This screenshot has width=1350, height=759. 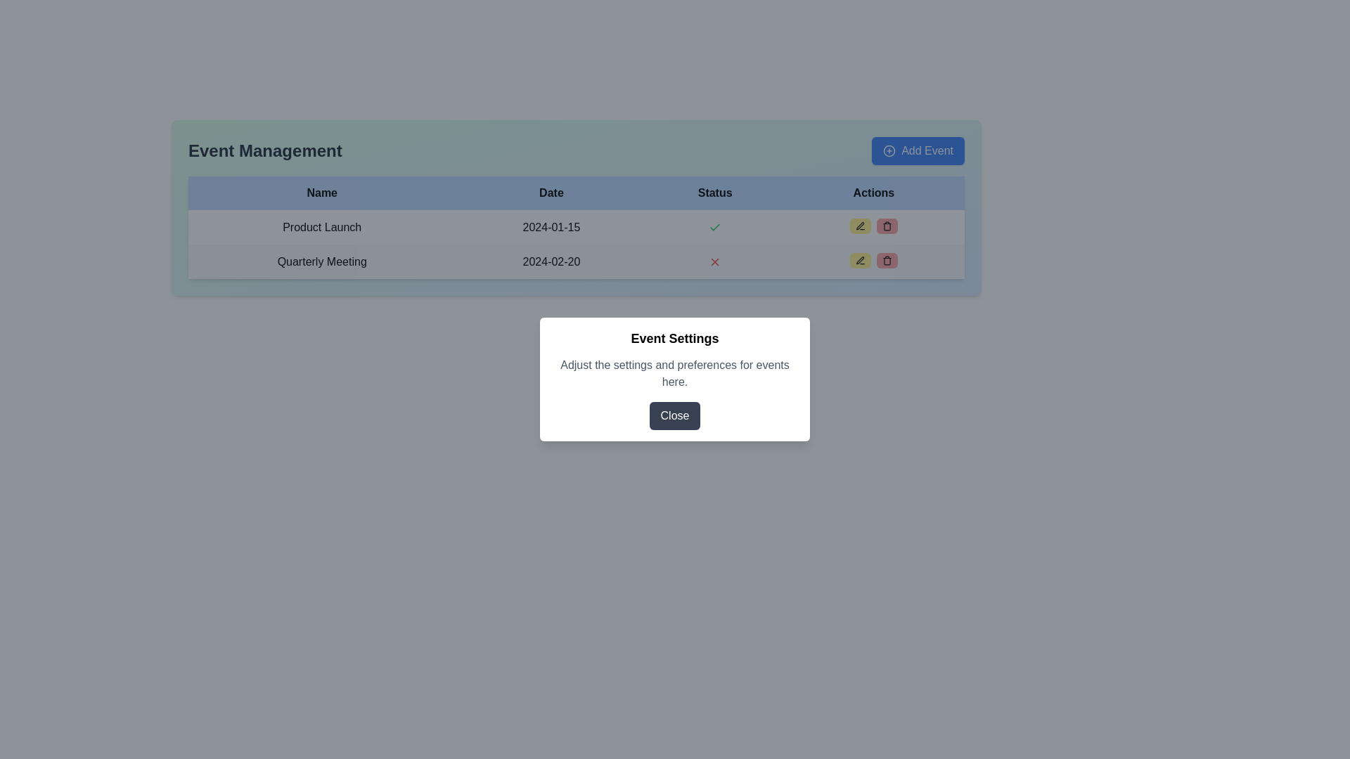 What do you see at coordinates (873, 193) in the screenshot?
I see `the 'Actions' text label located in the last cell of the header row of the table, which is bold and centered with a black font color` at bounding box center [873, 193].